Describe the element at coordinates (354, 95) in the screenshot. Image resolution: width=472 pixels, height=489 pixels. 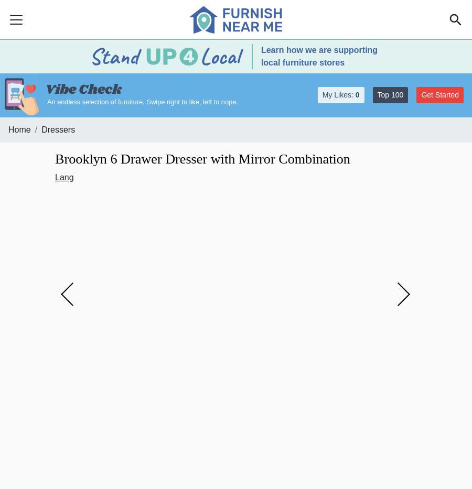
I see `'0'` at that location.